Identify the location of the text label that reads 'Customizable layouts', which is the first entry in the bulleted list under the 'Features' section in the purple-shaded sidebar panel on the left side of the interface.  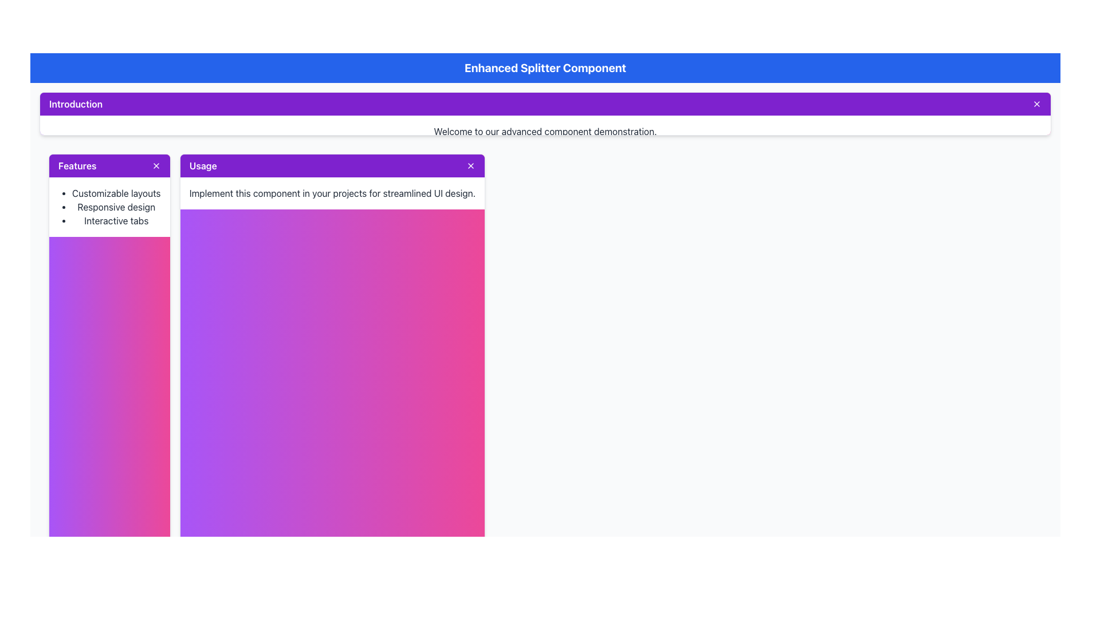
(116, 192).